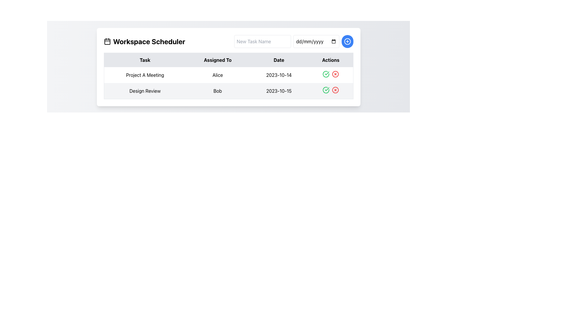 The image size is (565, 318). I want to click on the label for the task titled 'Project A Meeting', which is positioned under the 'Task' column and adjacent to 'Alice' in the 'Assigned To' column, so click(145, 74).